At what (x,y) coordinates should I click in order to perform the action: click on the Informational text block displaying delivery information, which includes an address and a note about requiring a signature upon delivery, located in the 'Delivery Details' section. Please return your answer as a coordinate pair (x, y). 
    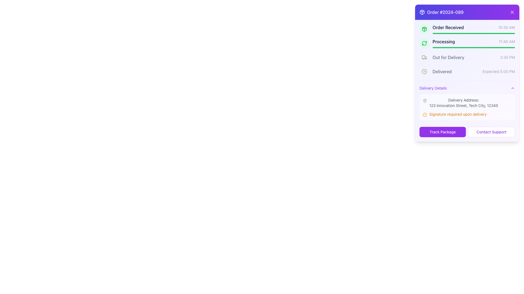
    Looking at the image, I should click on (467, 107).